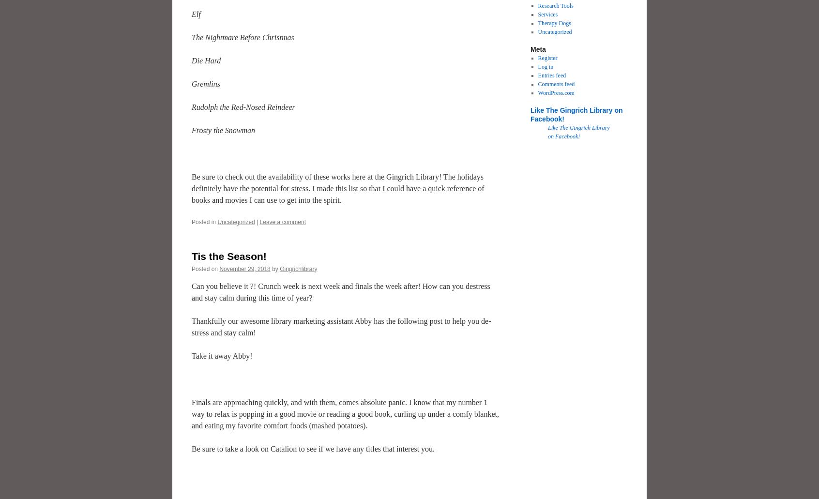  I want to click on 'Posted in', so click(191, 222).